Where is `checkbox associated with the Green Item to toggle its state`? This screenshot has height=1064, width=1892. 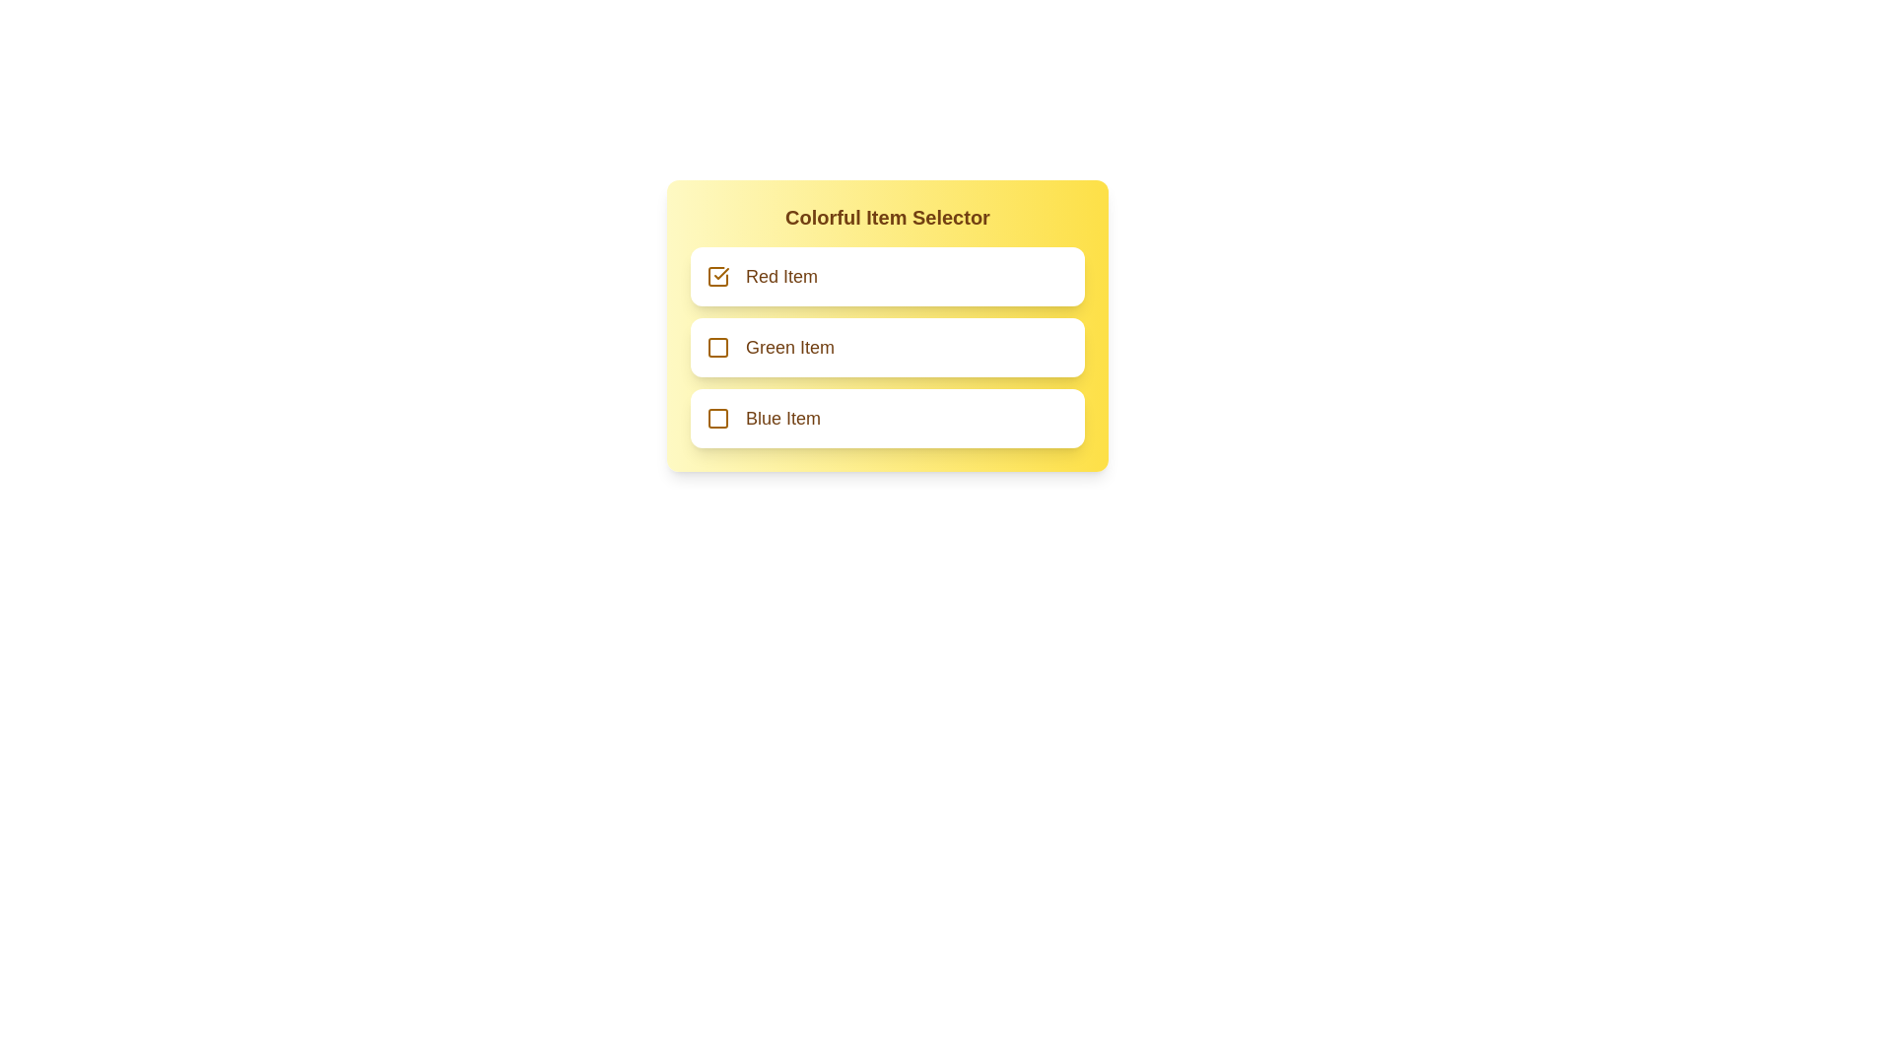 checkbox associated with the Green Item to toggle its state is located at coordinates (717, 347).